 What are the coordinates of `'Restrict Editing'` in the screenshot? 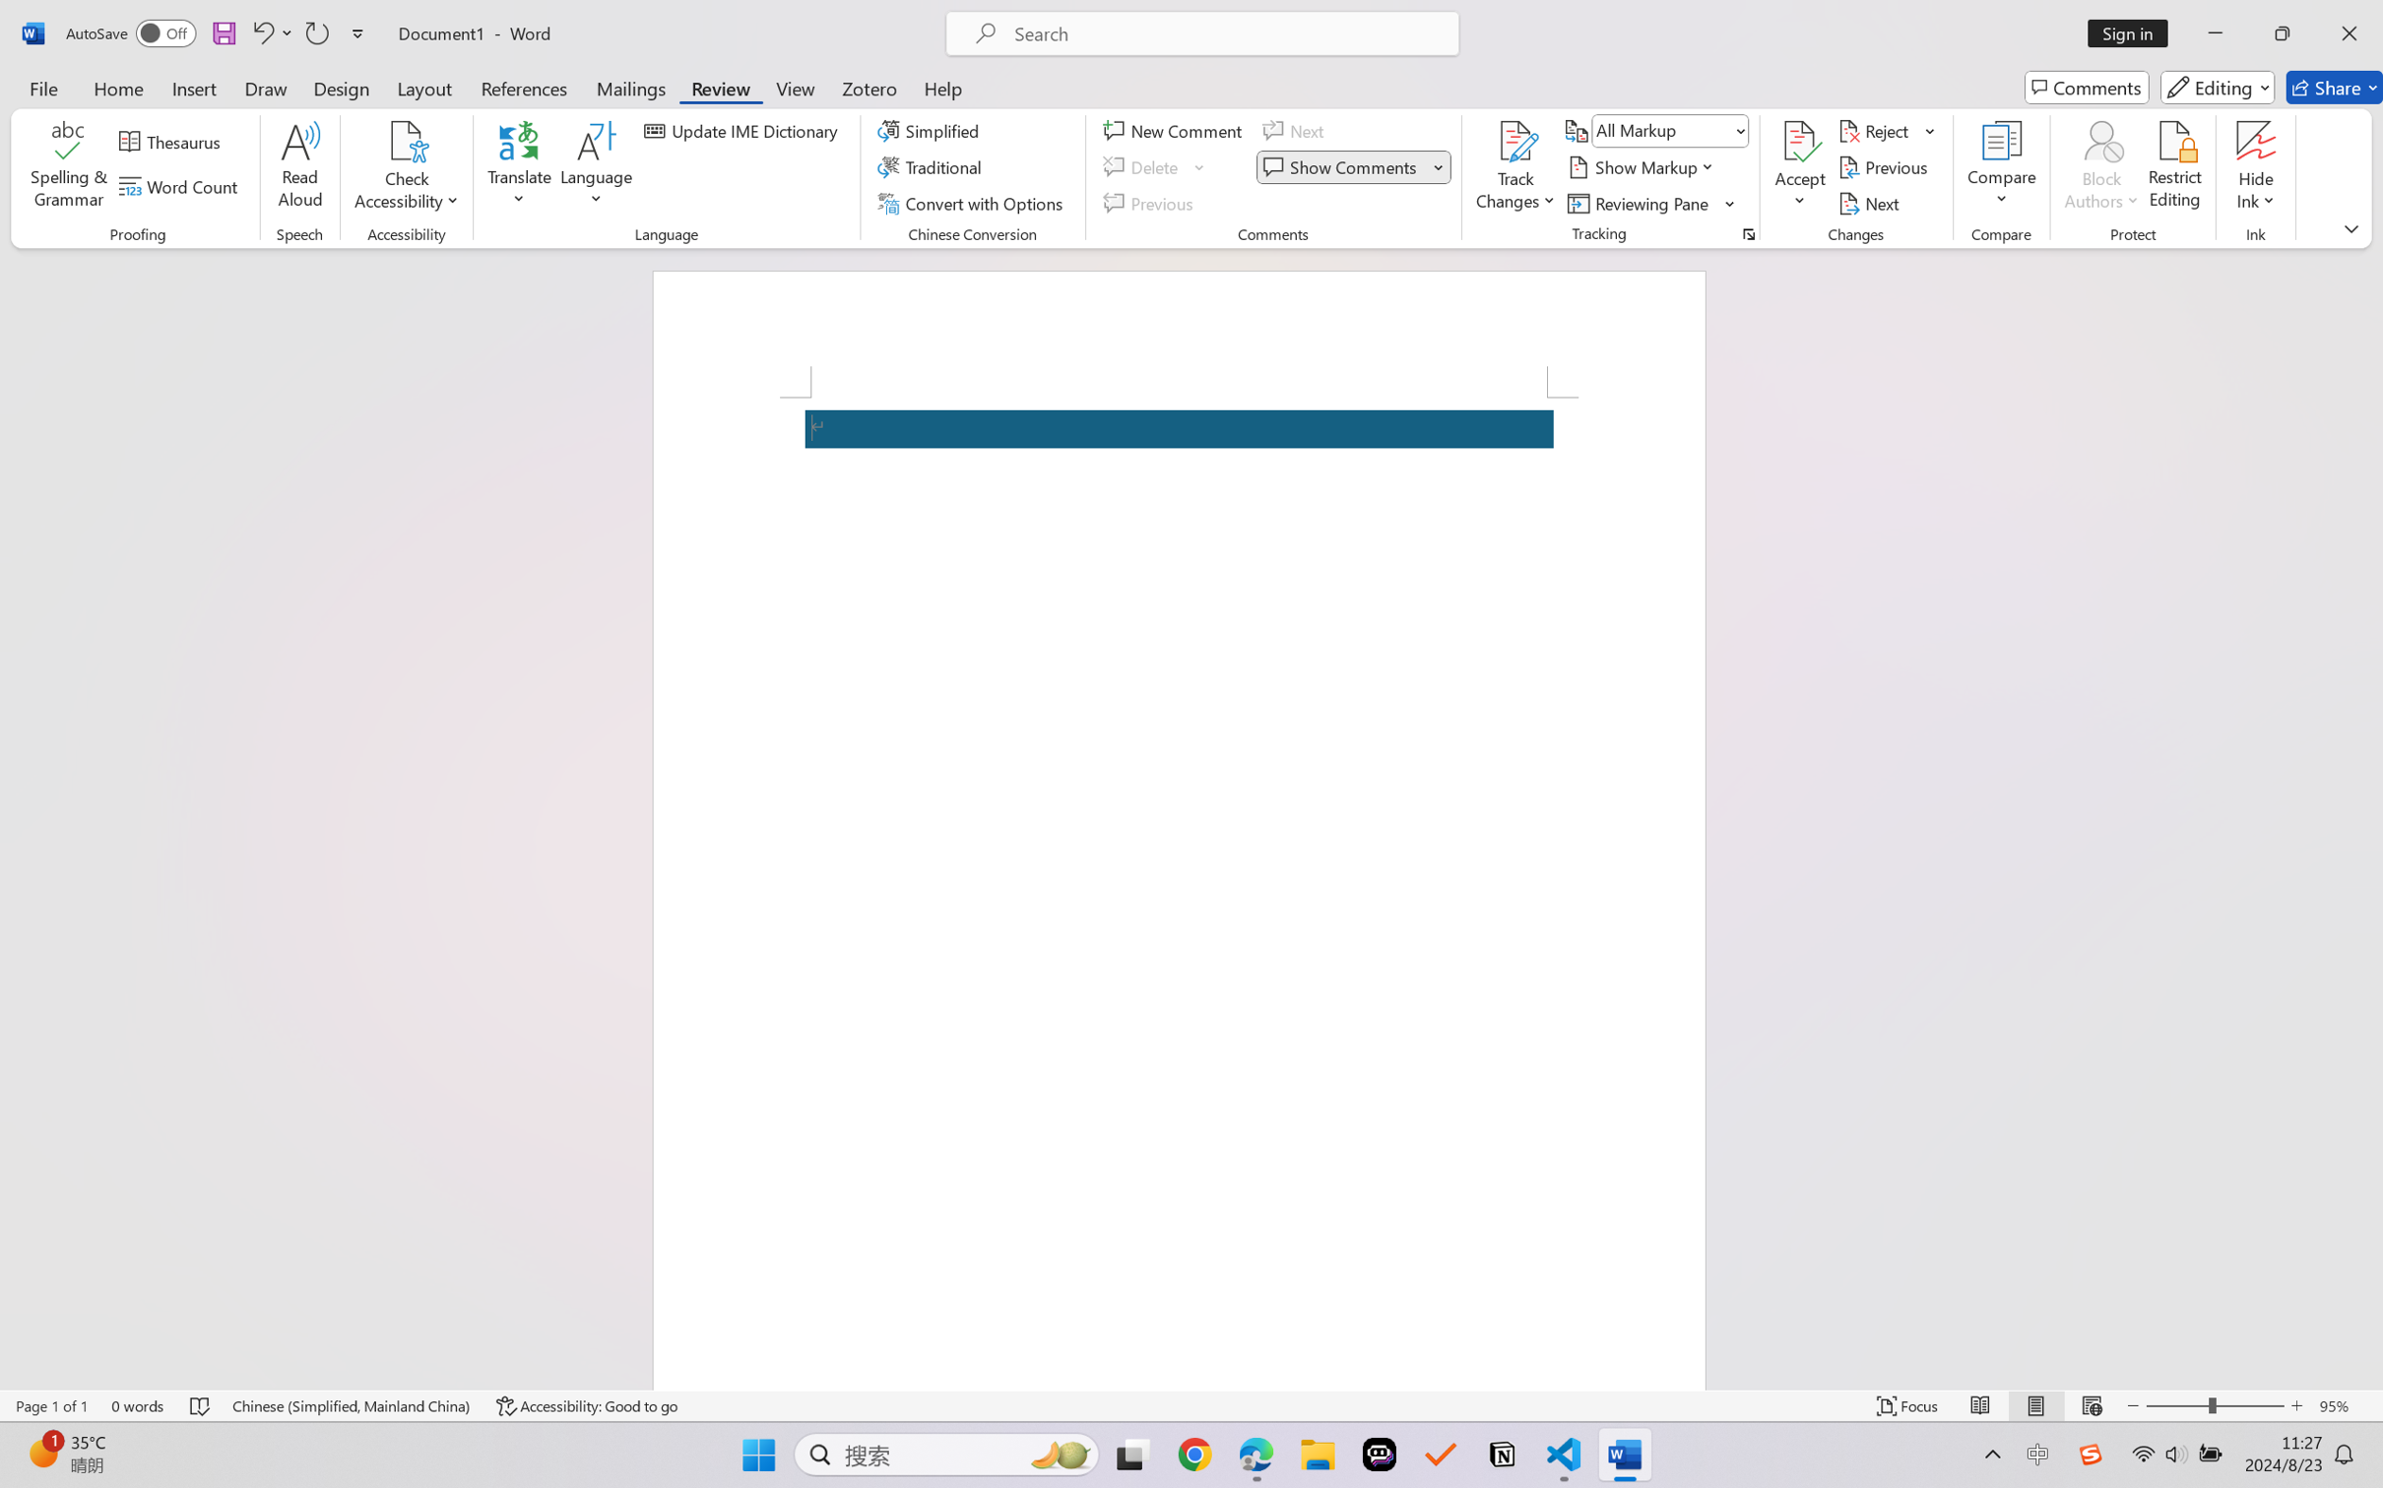 It's located at (2173, 167).